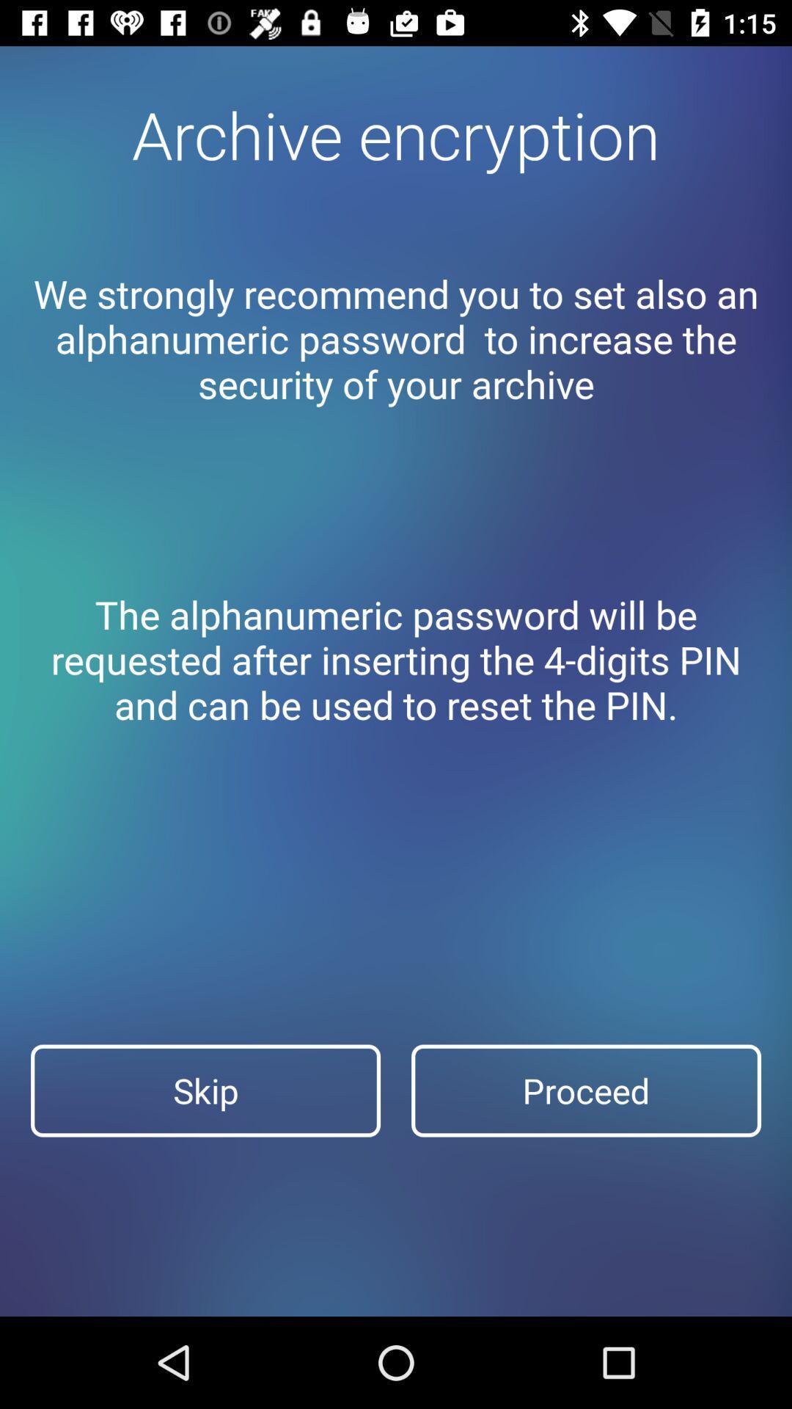 This screenshot has width=792, height=1409. What do you see at coordinates (585, 1091) in the screenshot?
I see `the item below the the alphanumeric password item` at bounding box center [585, 1091].